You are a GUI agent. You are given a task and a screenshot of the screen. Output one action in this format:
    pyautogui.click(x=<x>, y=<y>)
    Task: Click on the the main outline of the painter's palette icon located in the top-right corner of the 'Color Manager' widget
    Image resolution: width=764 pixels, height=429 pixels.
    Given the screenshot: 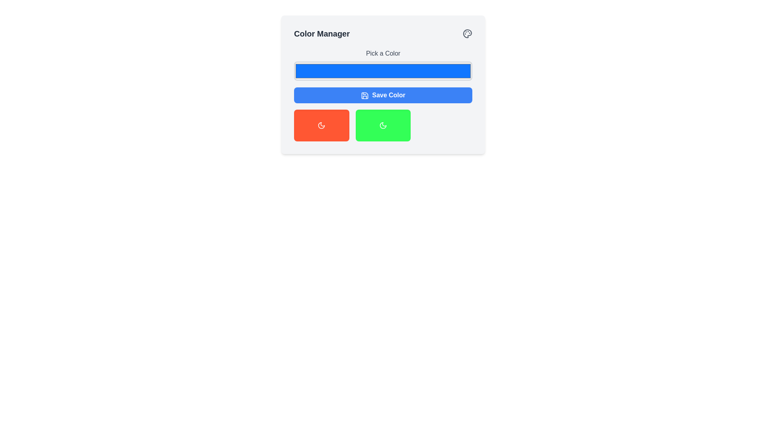 What is the action you would take?
    pyautogui.click(x=468, y=33)
    